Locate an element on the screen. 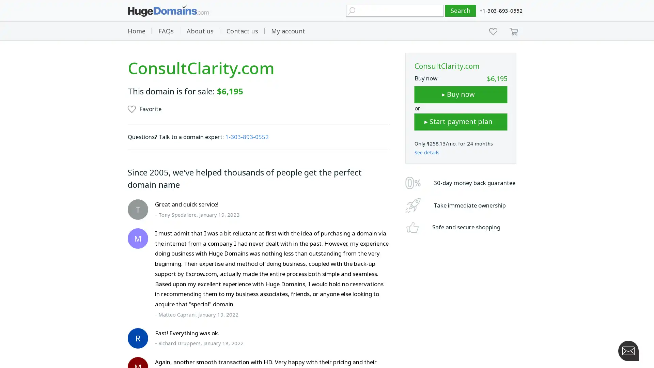 This screenshot has width=654, height=368. Search is located at coordinates (461, 11).